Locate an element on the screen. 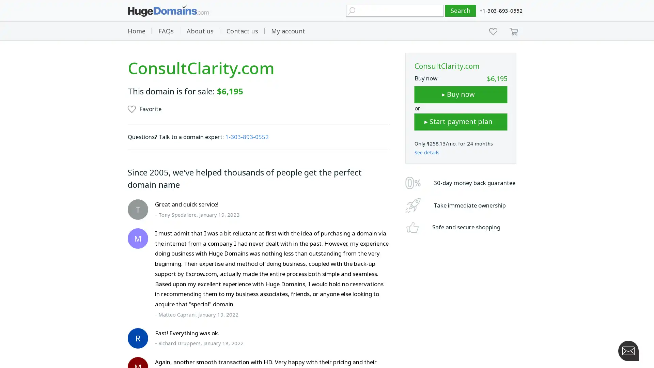 This screenshot has width=654, height=368. Search is located at coordinates (461, 11).